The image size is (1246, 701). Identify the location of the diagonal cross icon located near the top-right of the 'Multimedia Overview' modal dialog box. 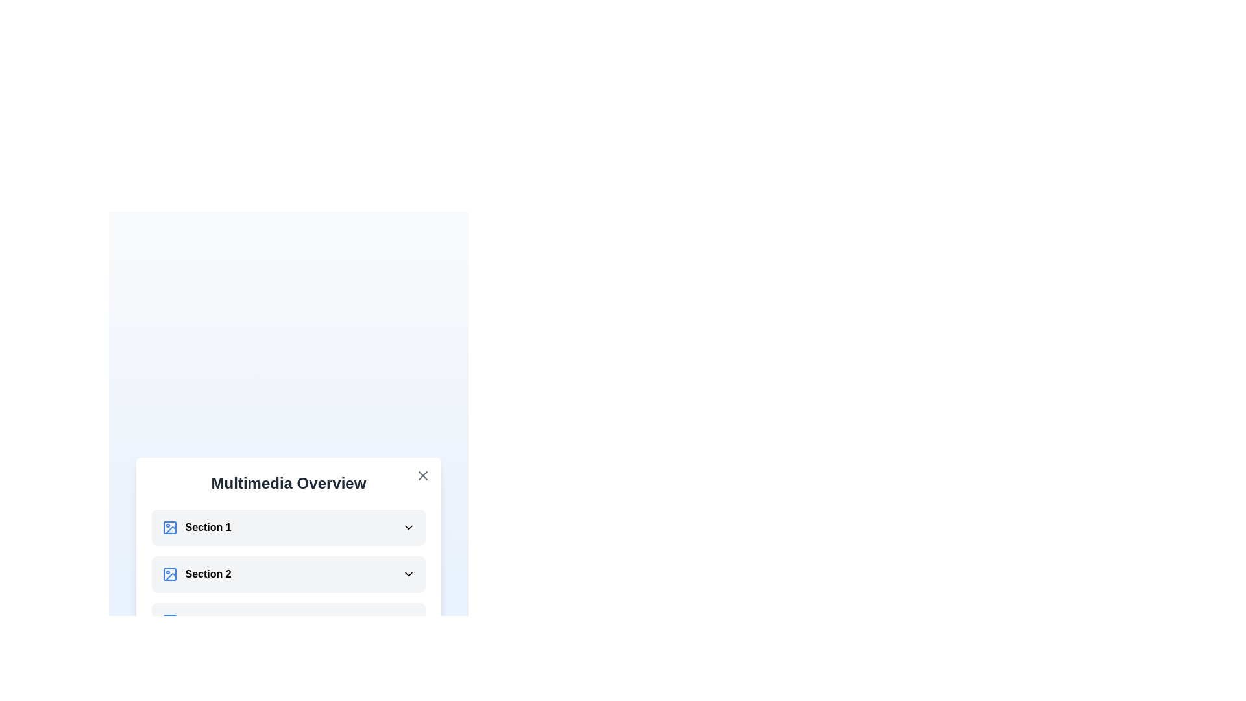
(423, 475).